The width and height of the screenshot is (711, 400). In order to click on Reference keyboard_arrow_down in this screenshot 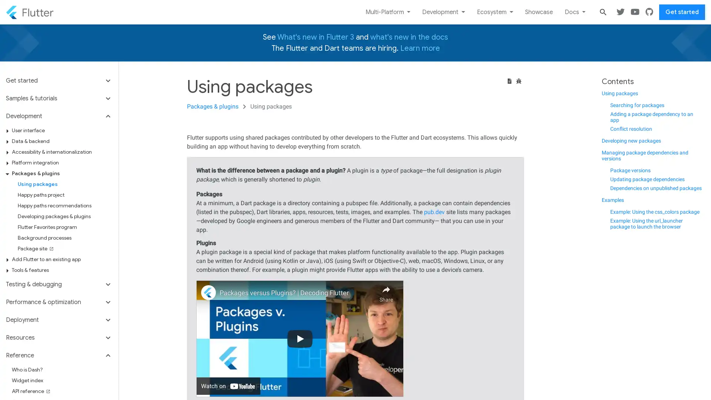, I will do `click(59, 355)`.